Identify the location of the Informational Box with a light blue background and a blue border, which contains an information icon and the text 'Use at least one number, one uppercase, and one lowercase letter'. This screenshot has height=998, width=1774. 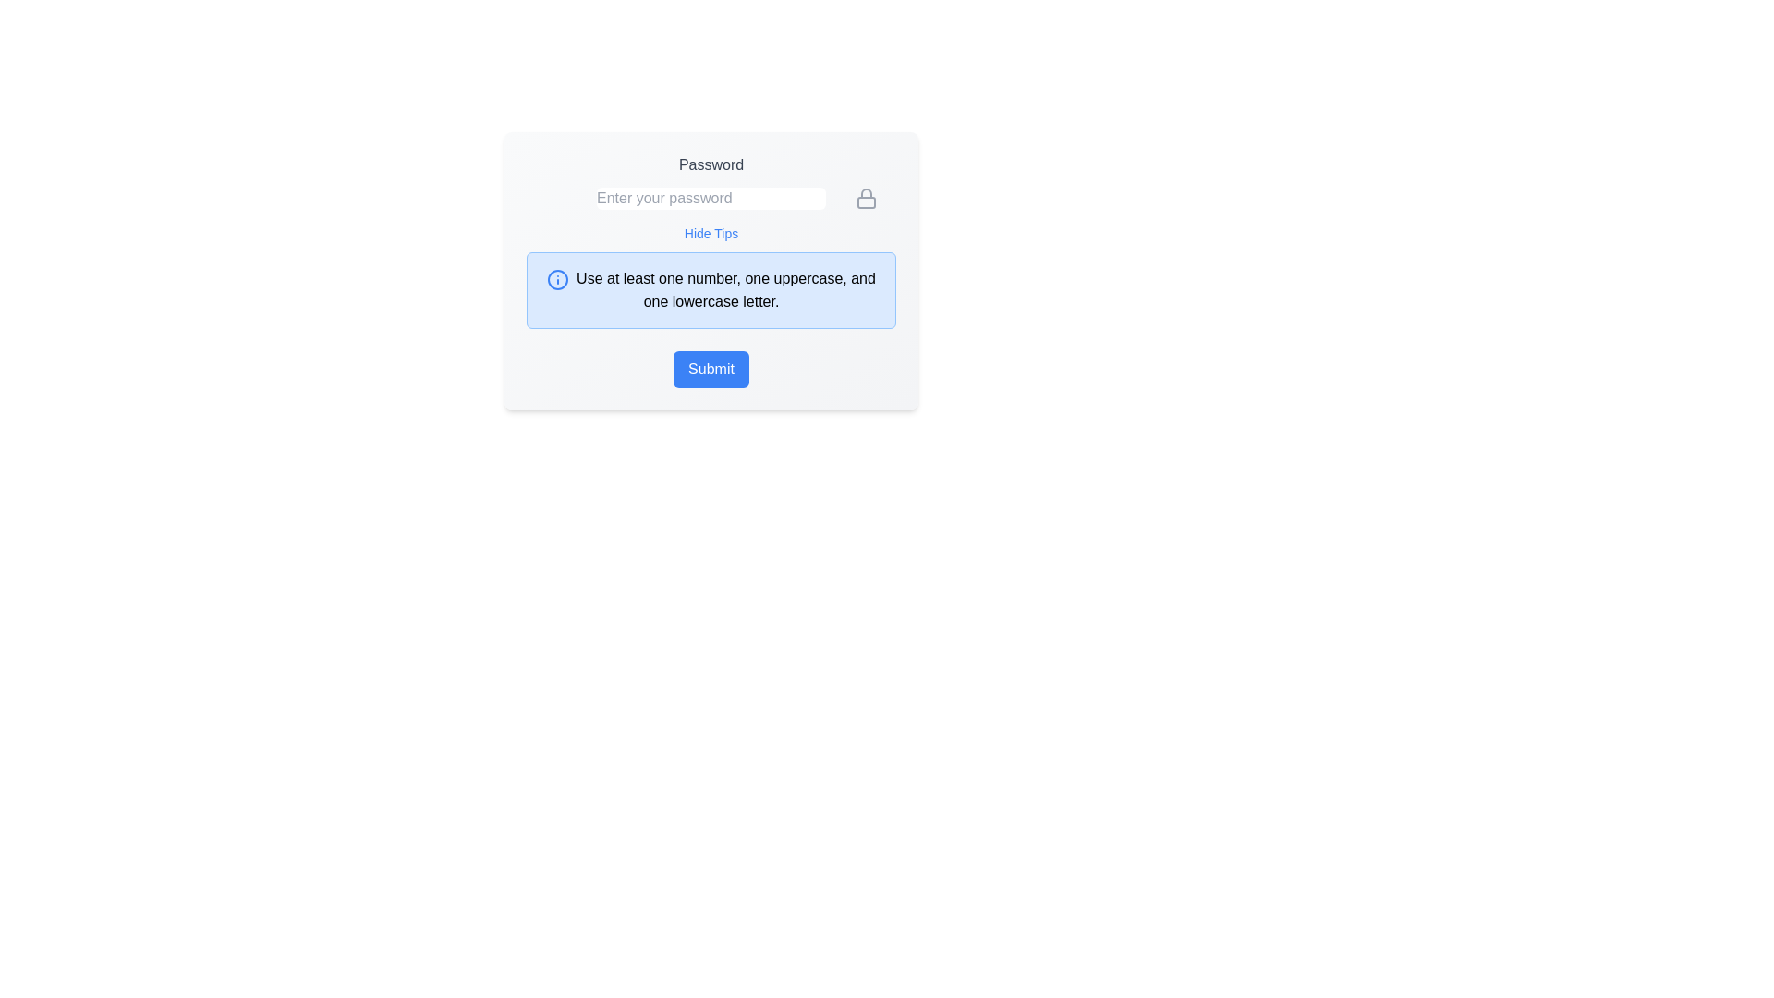
(710, 289).